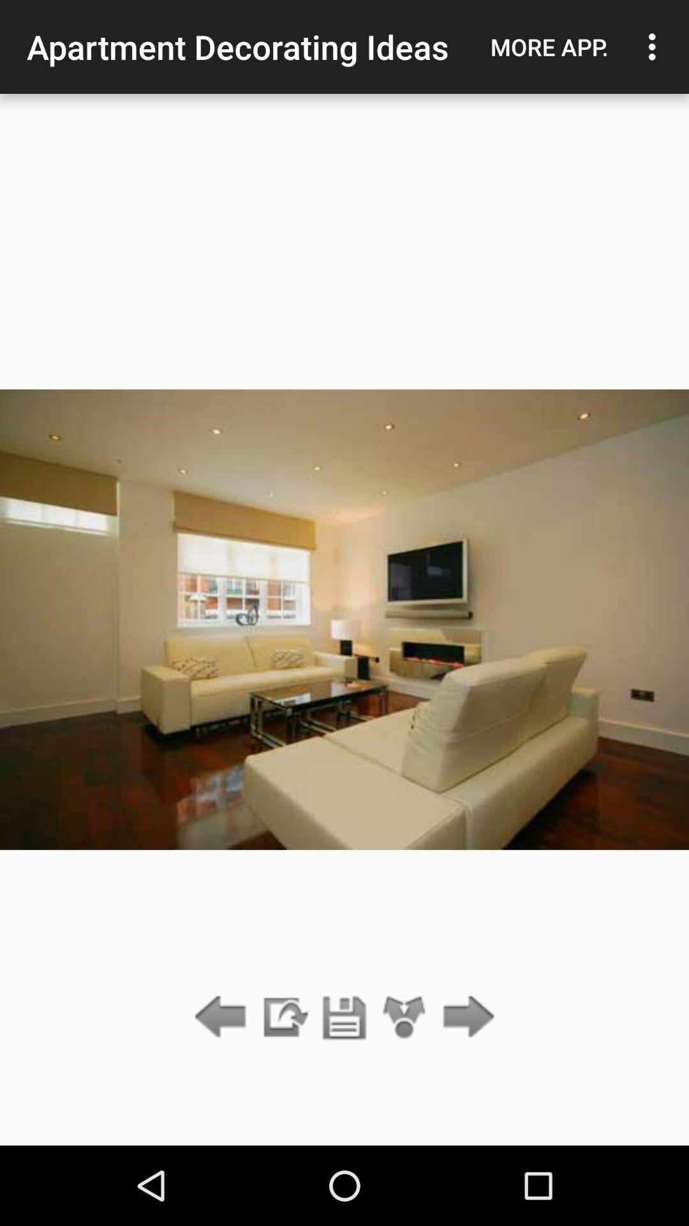 The image size is (689, 1226). I want to click on item to the right of apartment decorating ideas icon, so click(549, 47).